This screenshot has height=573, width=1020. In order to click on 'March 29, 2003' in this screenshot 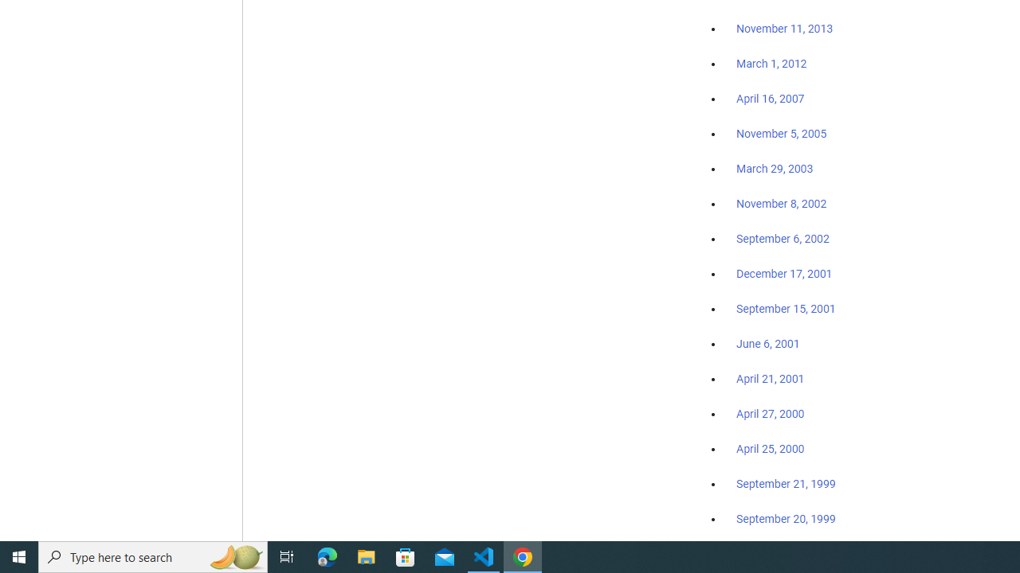, I will do `click(775, 169)`.